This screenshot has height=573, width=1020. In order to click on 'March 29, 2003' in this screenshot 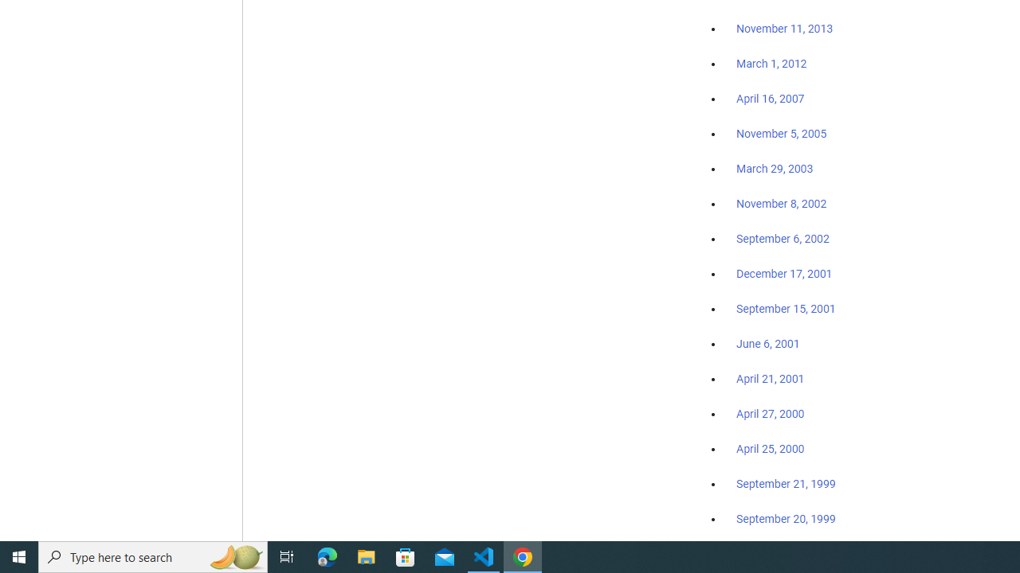, I will do `click(775, 169)`.